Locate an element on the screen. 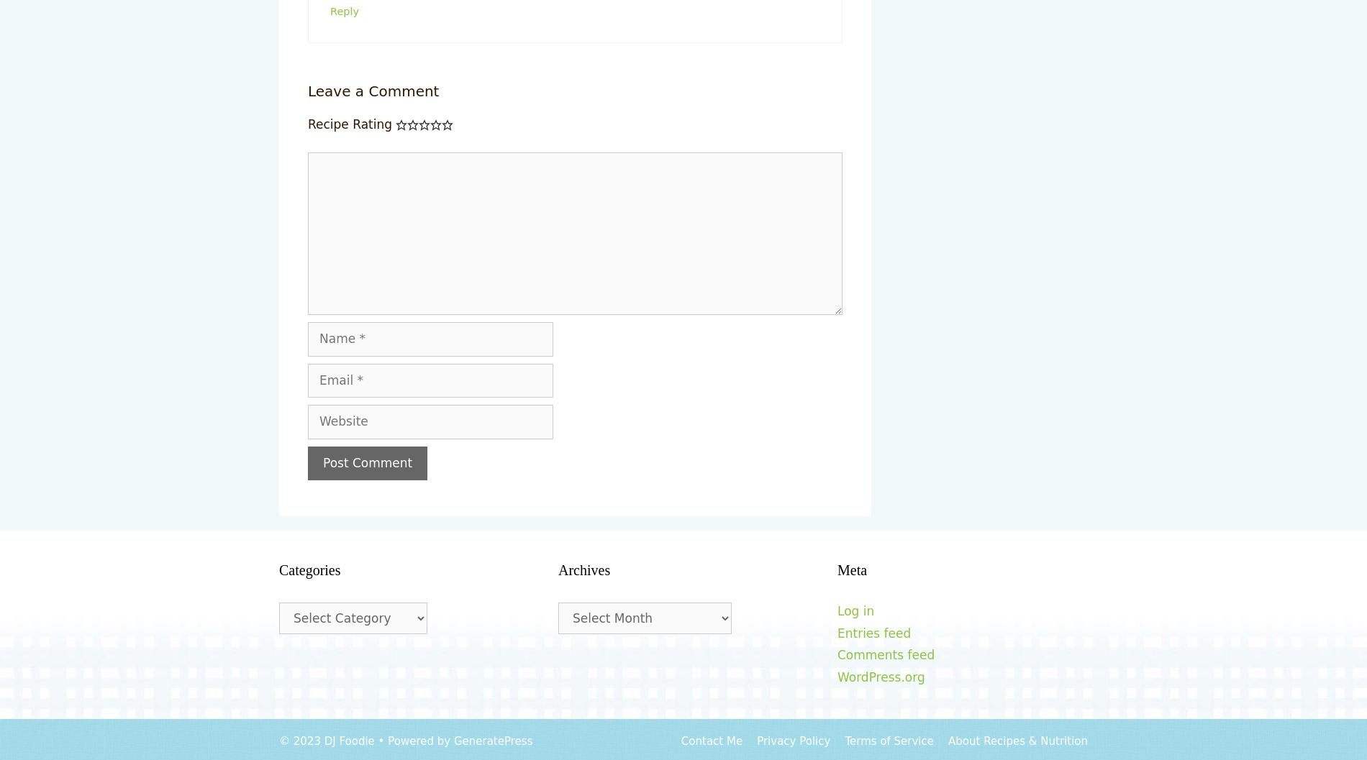  'Log in' is located at coordinates (836, 610).